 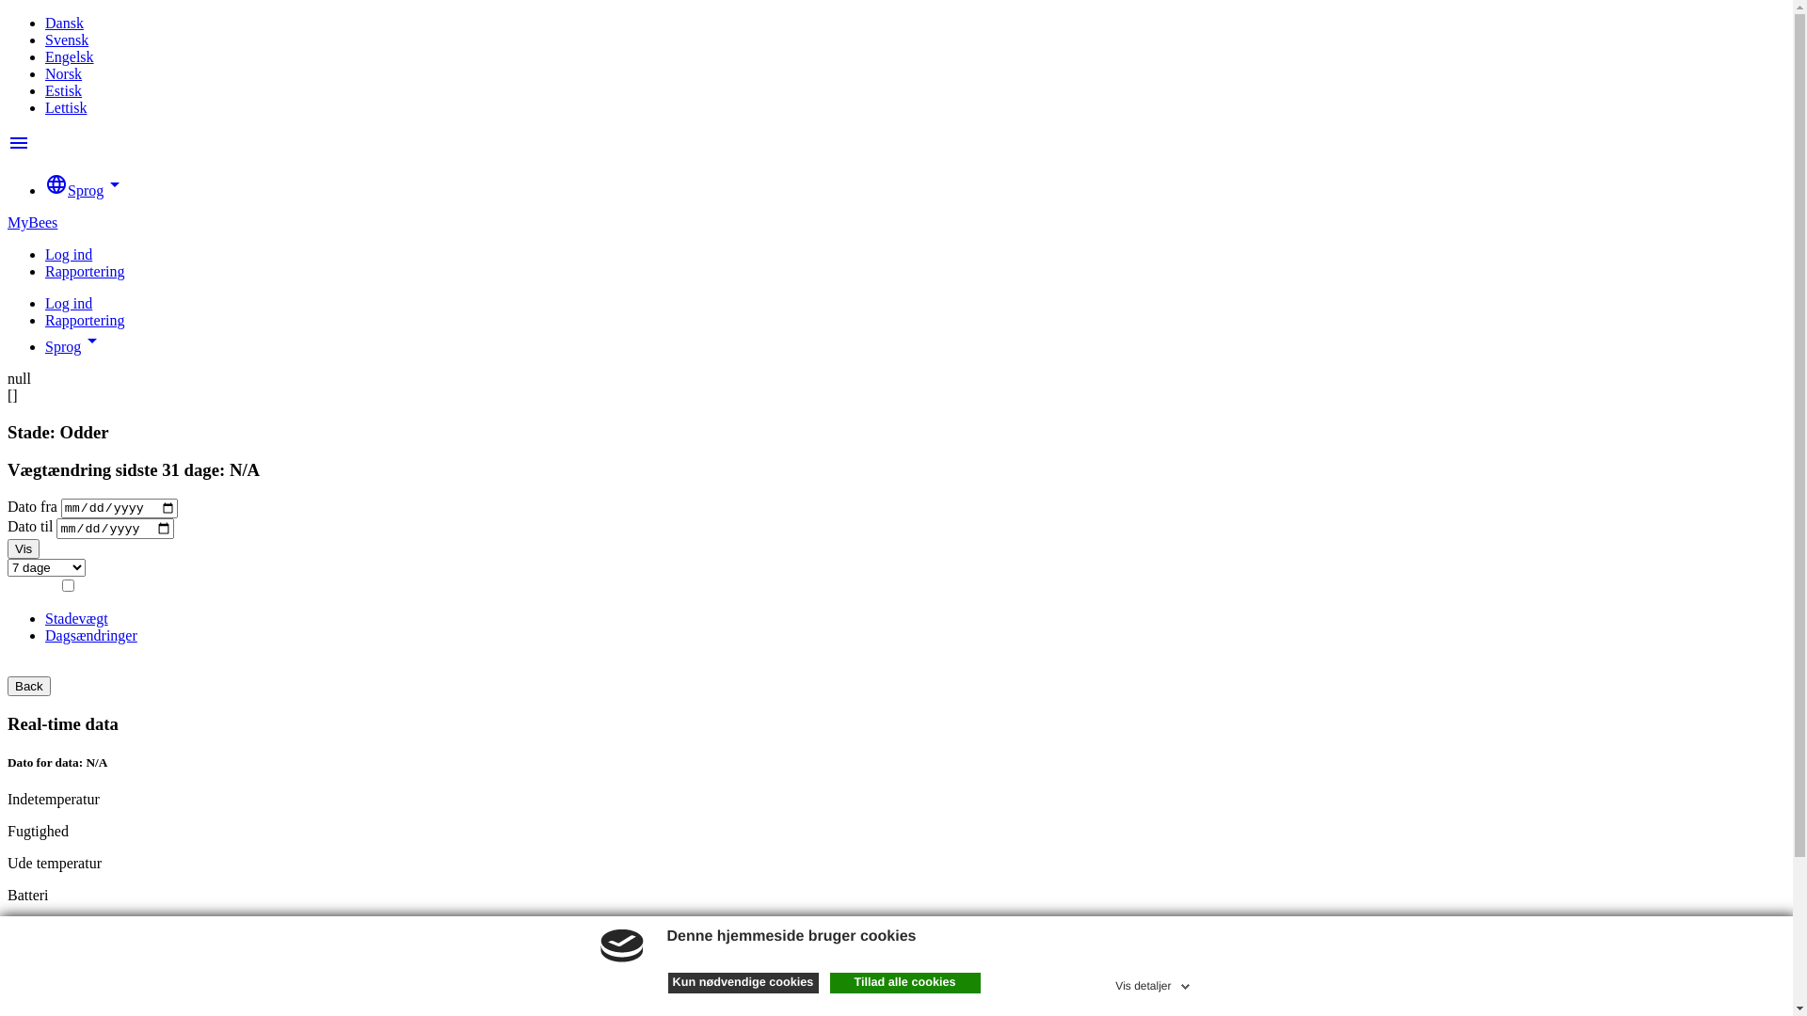 I want to click on 'Back', so click(x=28, y=686).